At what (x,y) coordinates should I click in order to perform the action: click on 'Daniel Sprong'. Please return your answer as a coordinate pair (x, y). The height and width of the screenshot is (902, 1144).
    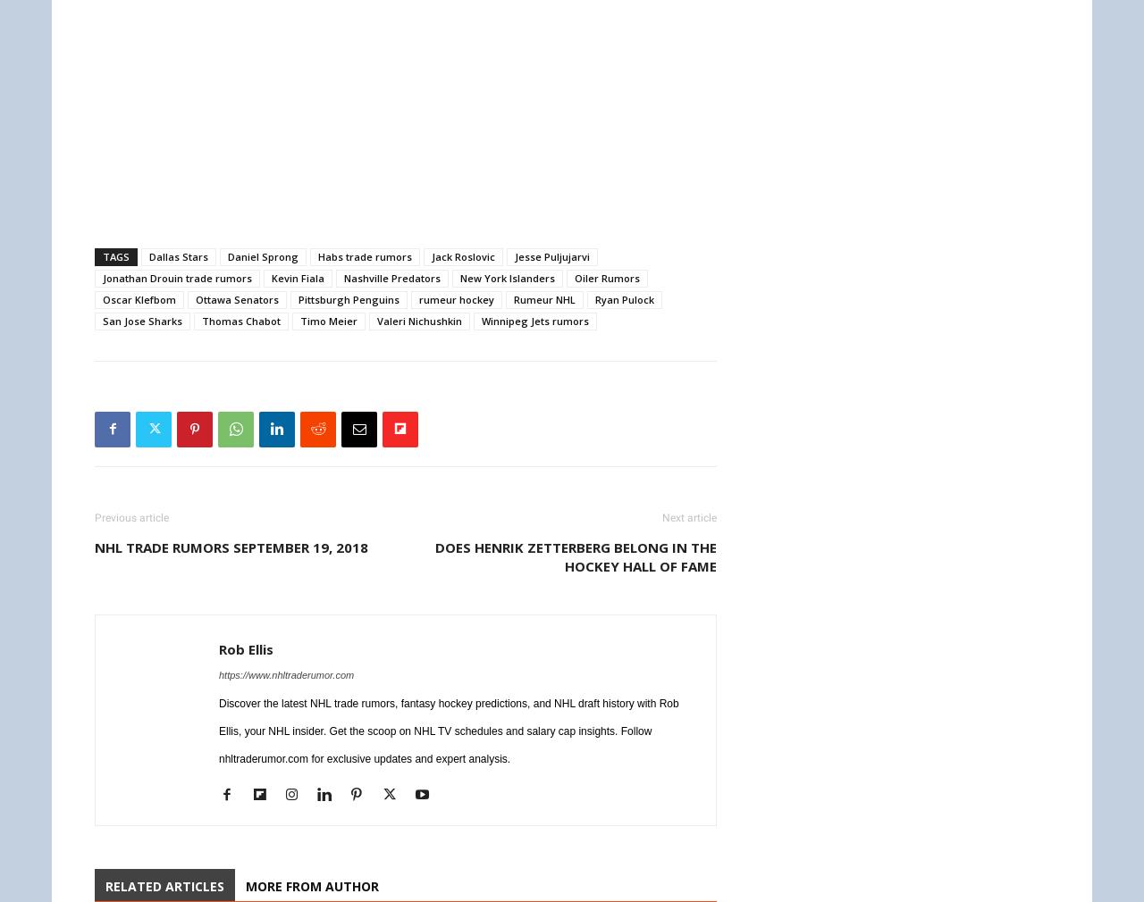
    Looking at the image, I should click on (262, 255).